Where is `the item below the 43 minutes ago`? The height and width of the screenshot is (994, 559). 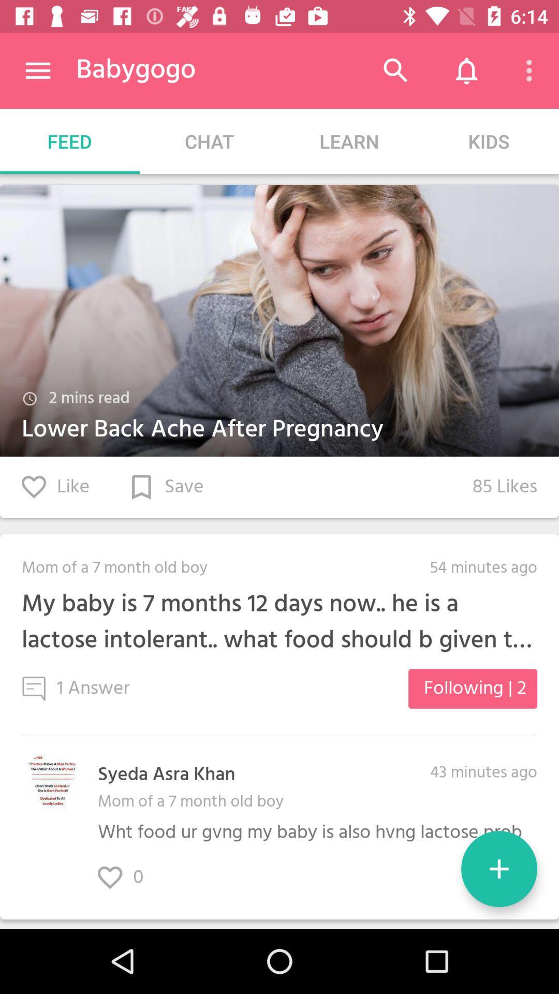 the item below the 43 minutes ago is located at coordinates (498, 869).